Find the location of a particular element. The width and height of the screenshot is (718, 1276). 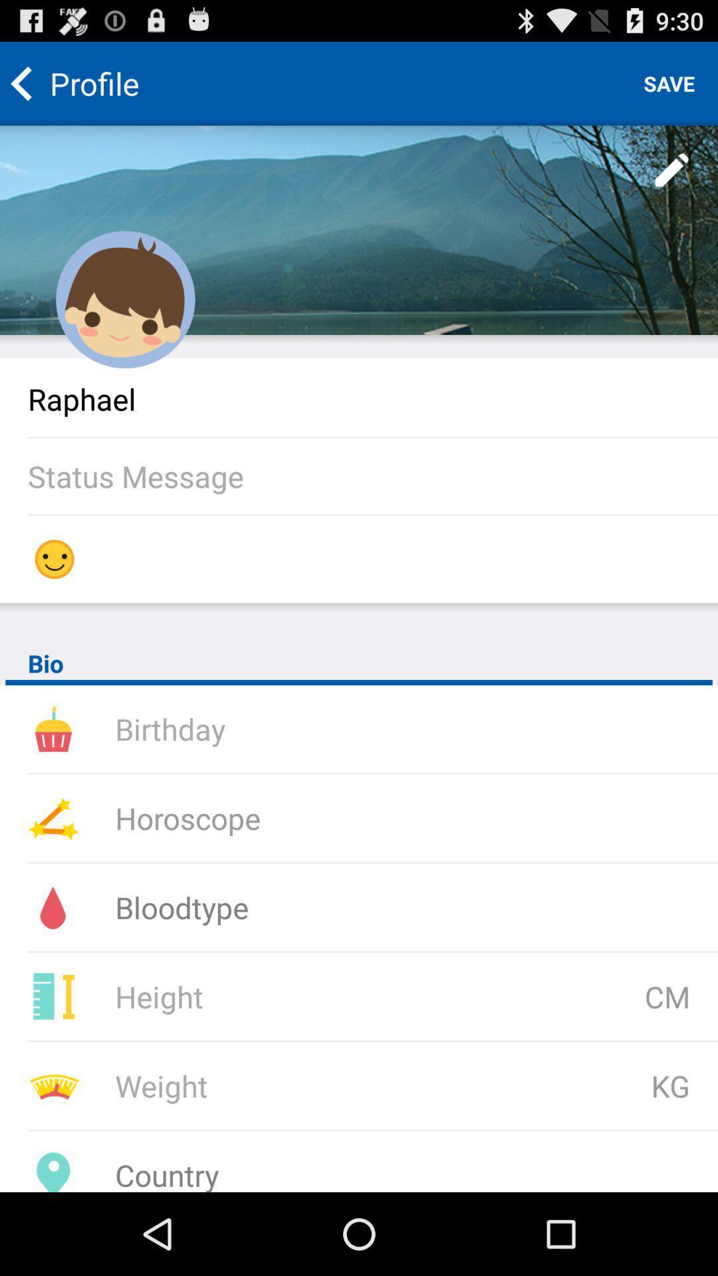

type your birthday is located at coordinates (291, 728).